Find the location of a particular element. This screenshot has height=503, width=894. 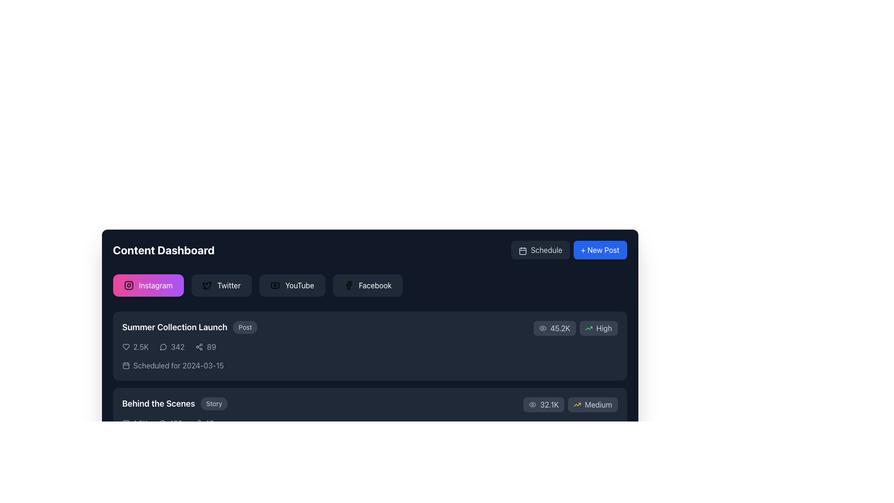

text displayed in the Statistical badge which shows '1.8K' next to a heart-shaped outline icon, located in the 'Behind the Scenes' section of the Content Dashboard is located at coordinates (134, 423).